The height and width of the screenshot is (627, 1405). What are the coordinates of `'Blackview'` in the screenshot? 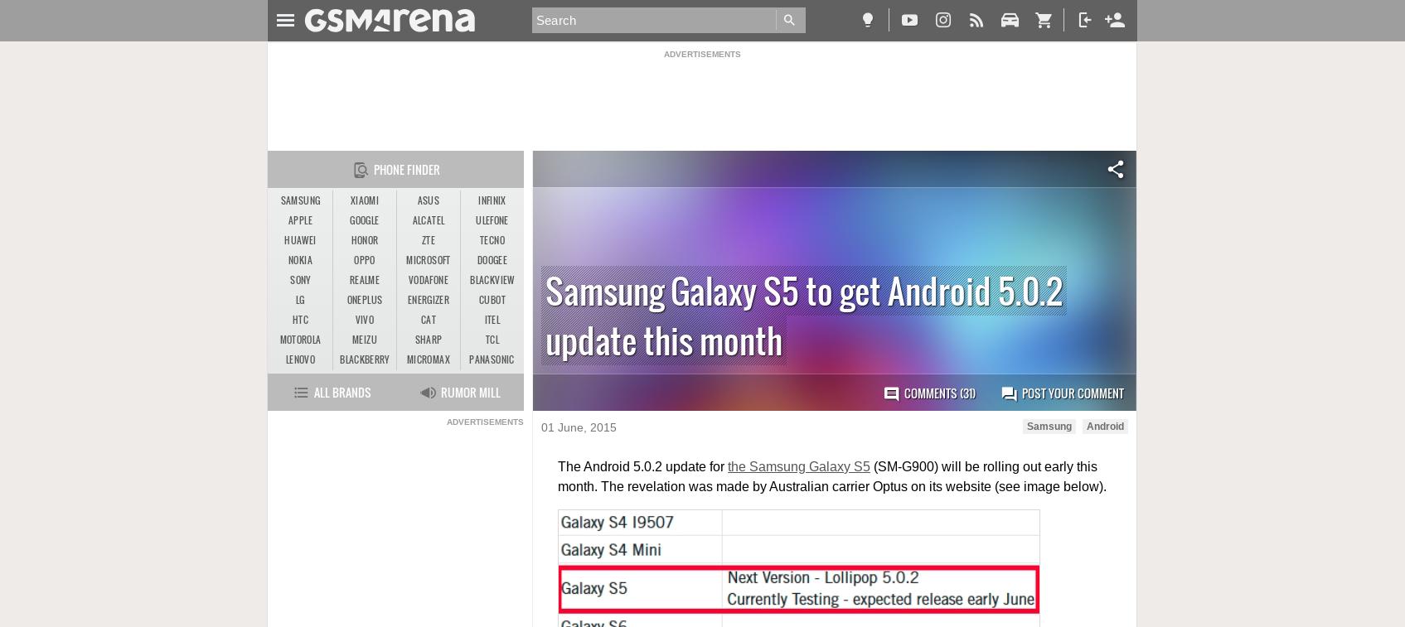 It's located at (491, 279).